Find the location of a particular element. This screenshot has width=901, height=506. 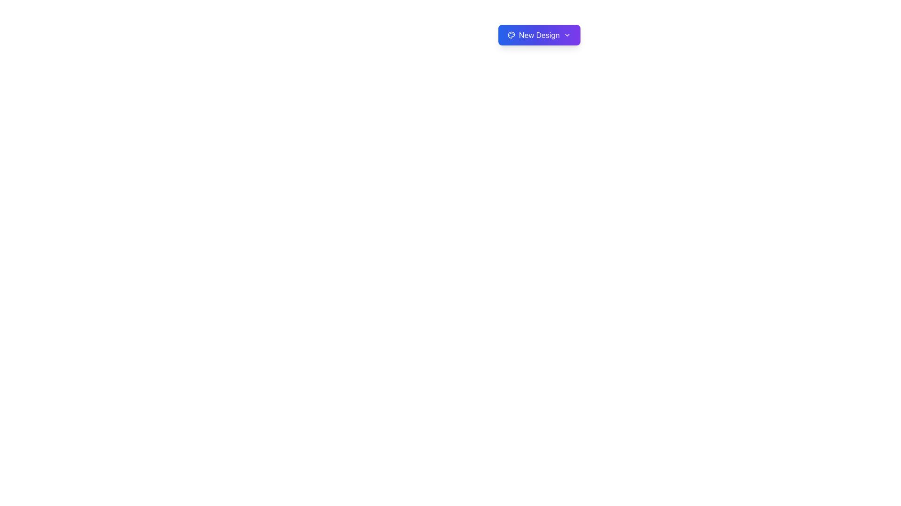

the small downward-pointing chevron icon located at the top-right corner of the 'New Design' button, which has a gradient hover effect is located at coordinates (567, 34).